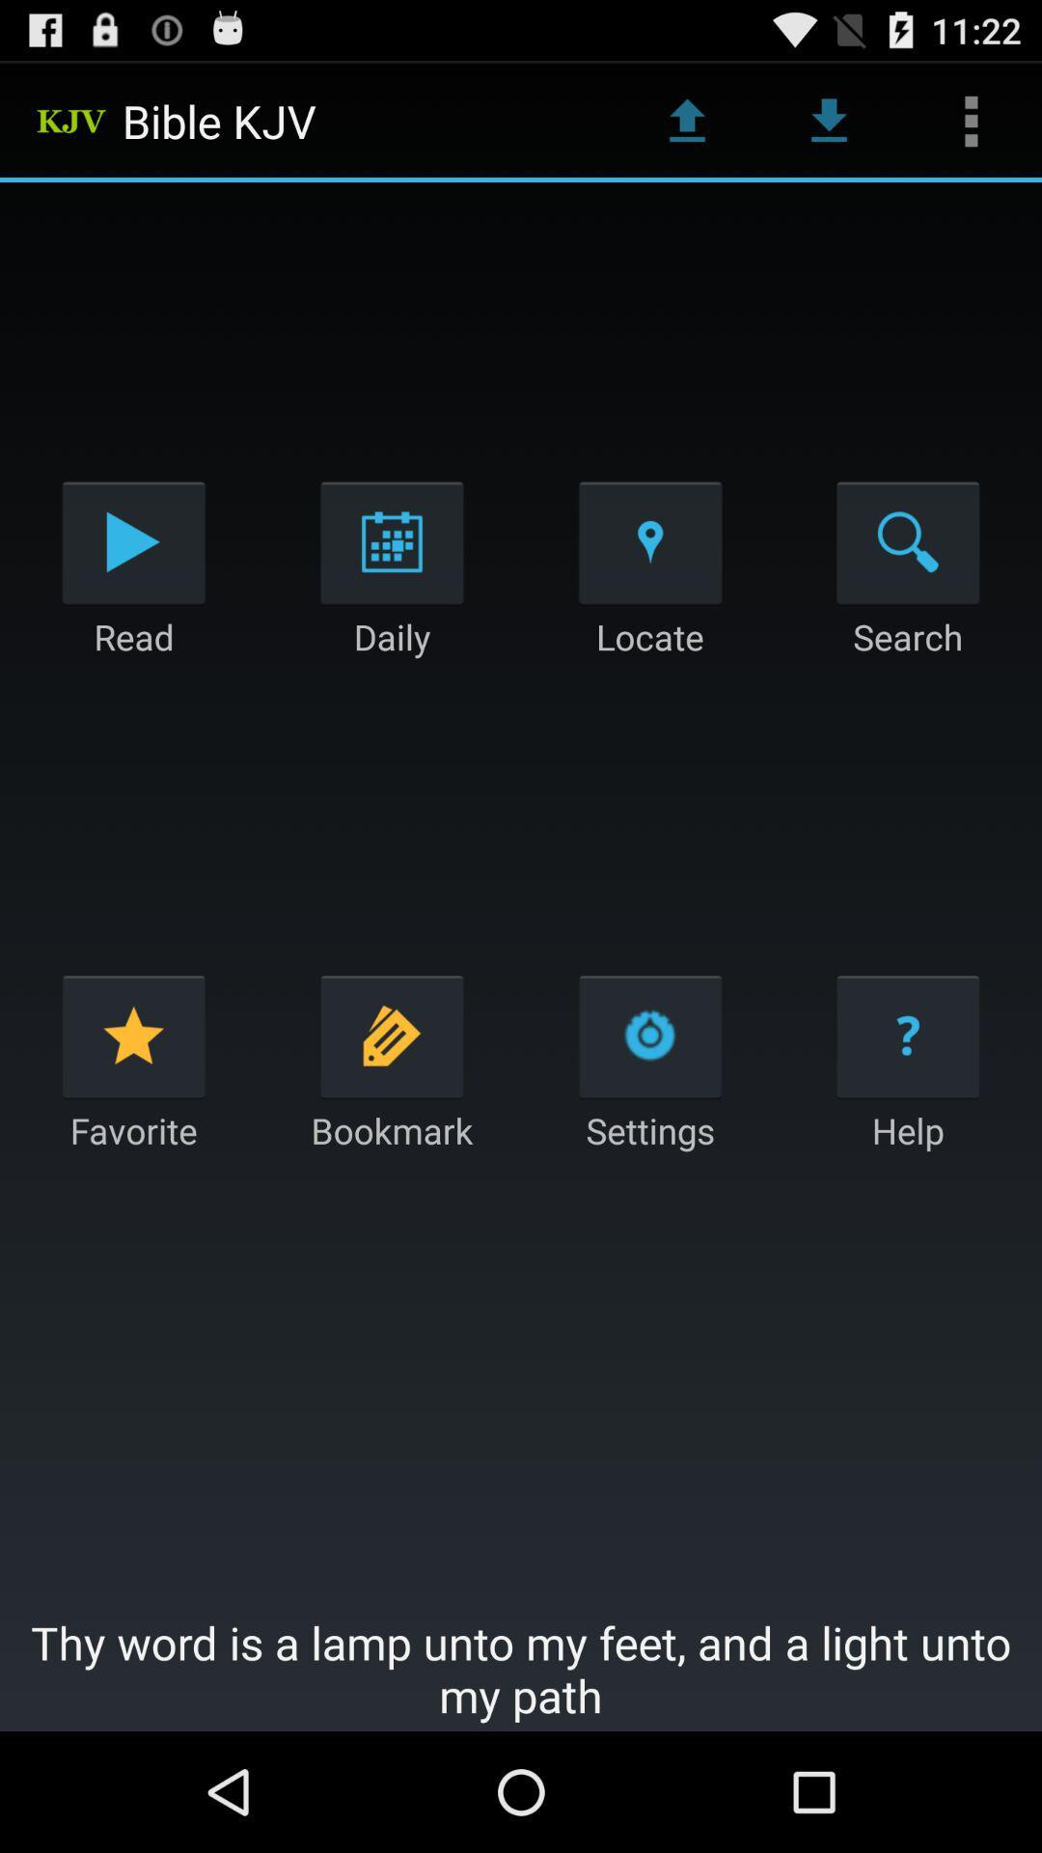  What do you see at coordinates (391, 540) in the screenshot?
I see `the app above daily` at bounding box center [391, 540].